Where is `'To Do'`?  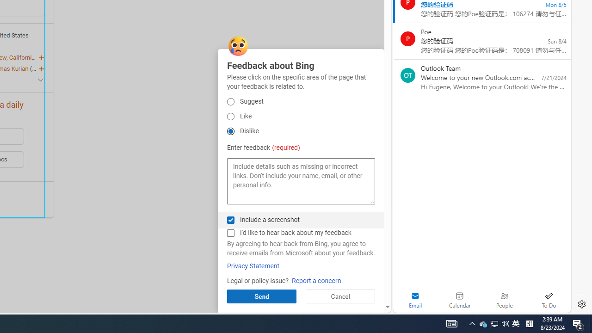
'To Do' is located at coordinates (549, 300).